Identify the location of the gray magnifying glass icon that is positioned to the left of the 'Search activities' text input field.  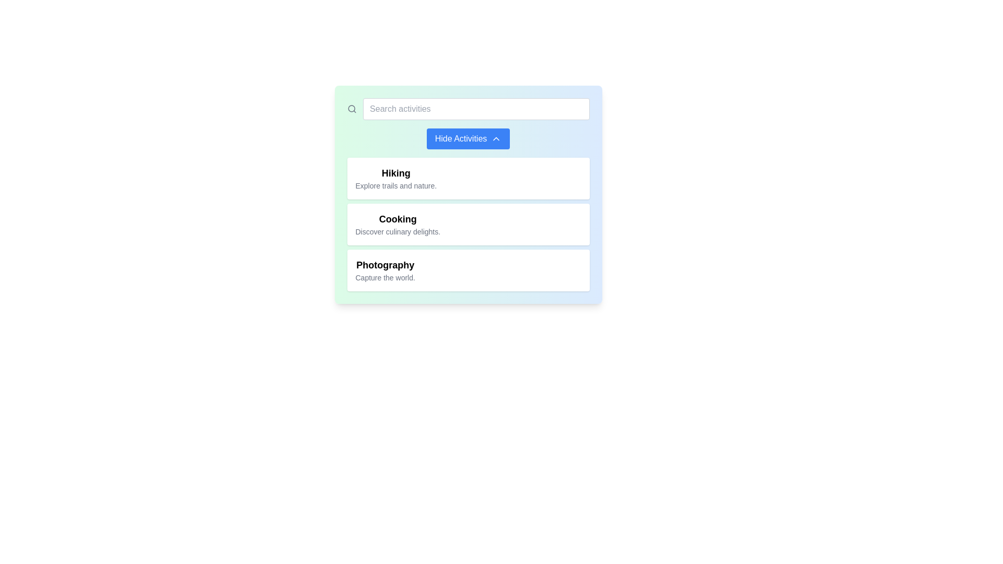
(352, 109).